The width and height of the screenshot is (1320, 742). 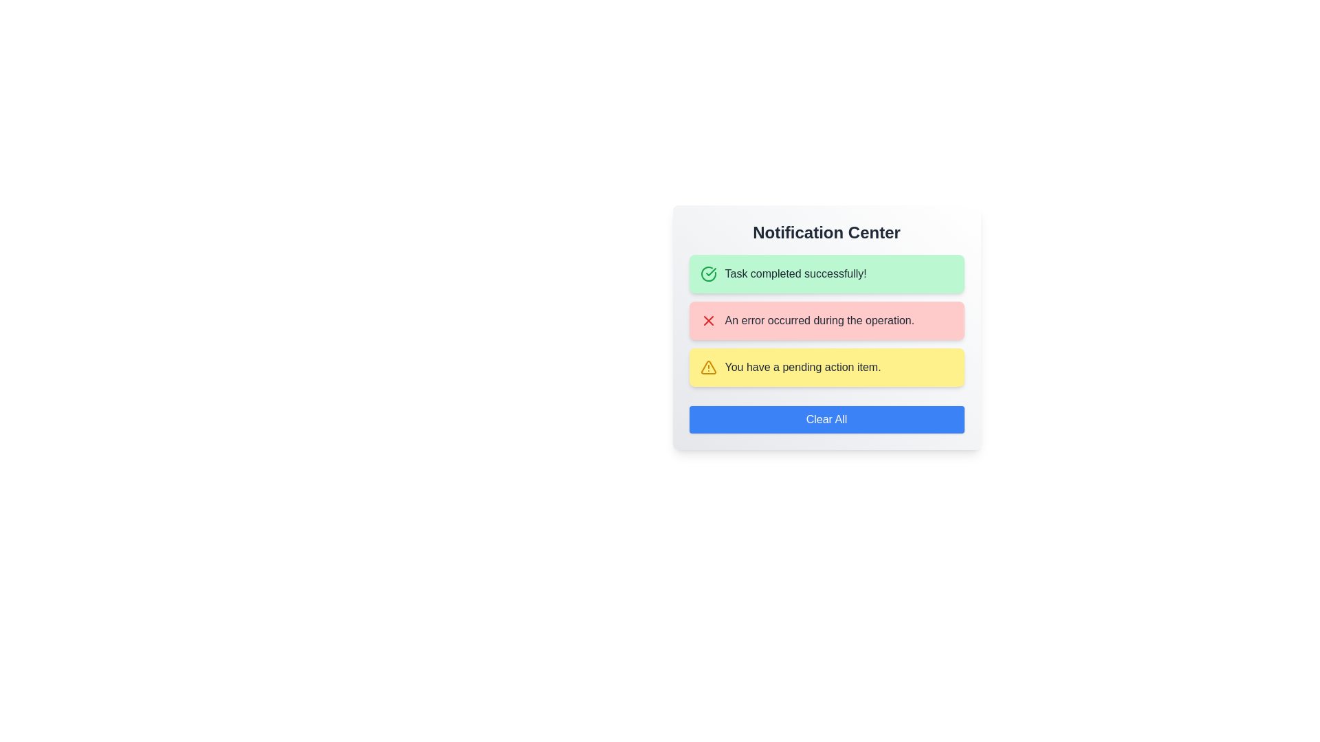 I want to click on the 'Clear All' button, which is a rectangular button with a bold blue background and white text, located at the bottom of the 'Notification Center', so click(x=826, y=418).